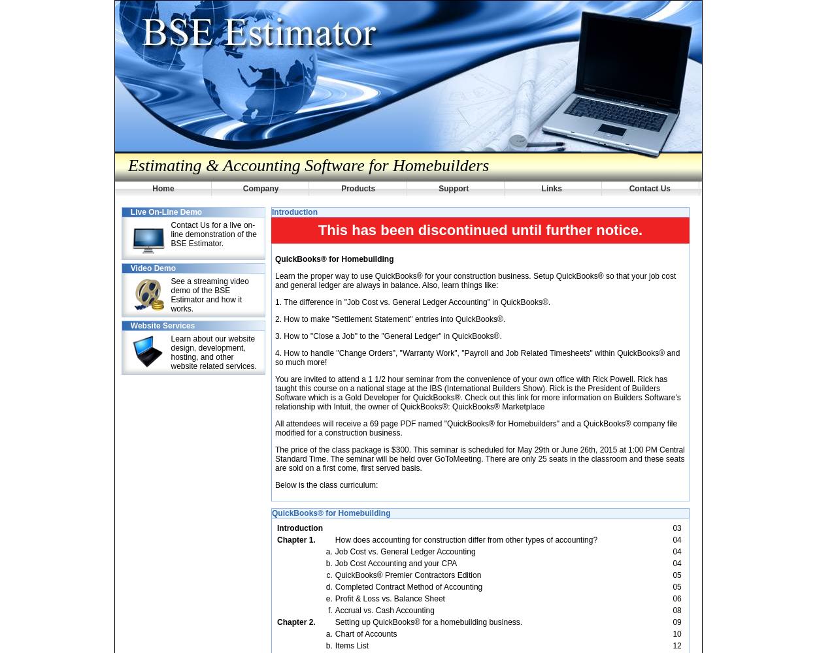  I want to click on 'Completed Contract Method of Accounting', so click(408, 587).